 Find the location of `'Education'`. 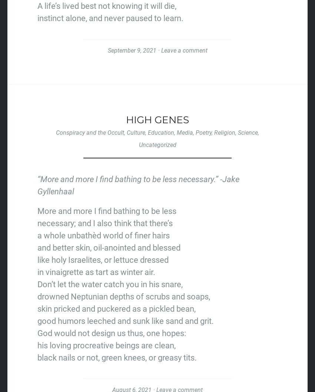

'Education' is located at coordinates (160, 132).